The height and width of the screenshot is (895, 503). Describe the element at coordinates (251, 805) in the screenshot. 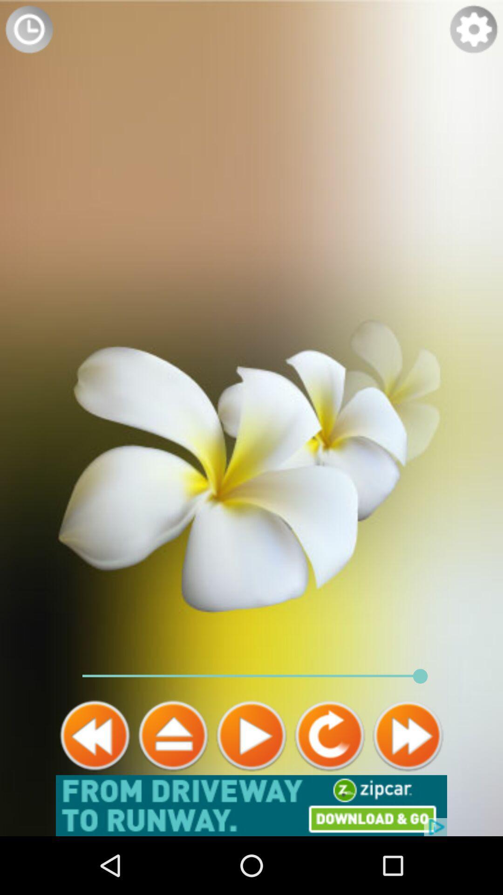

I see `this is an advertisement` at that location.